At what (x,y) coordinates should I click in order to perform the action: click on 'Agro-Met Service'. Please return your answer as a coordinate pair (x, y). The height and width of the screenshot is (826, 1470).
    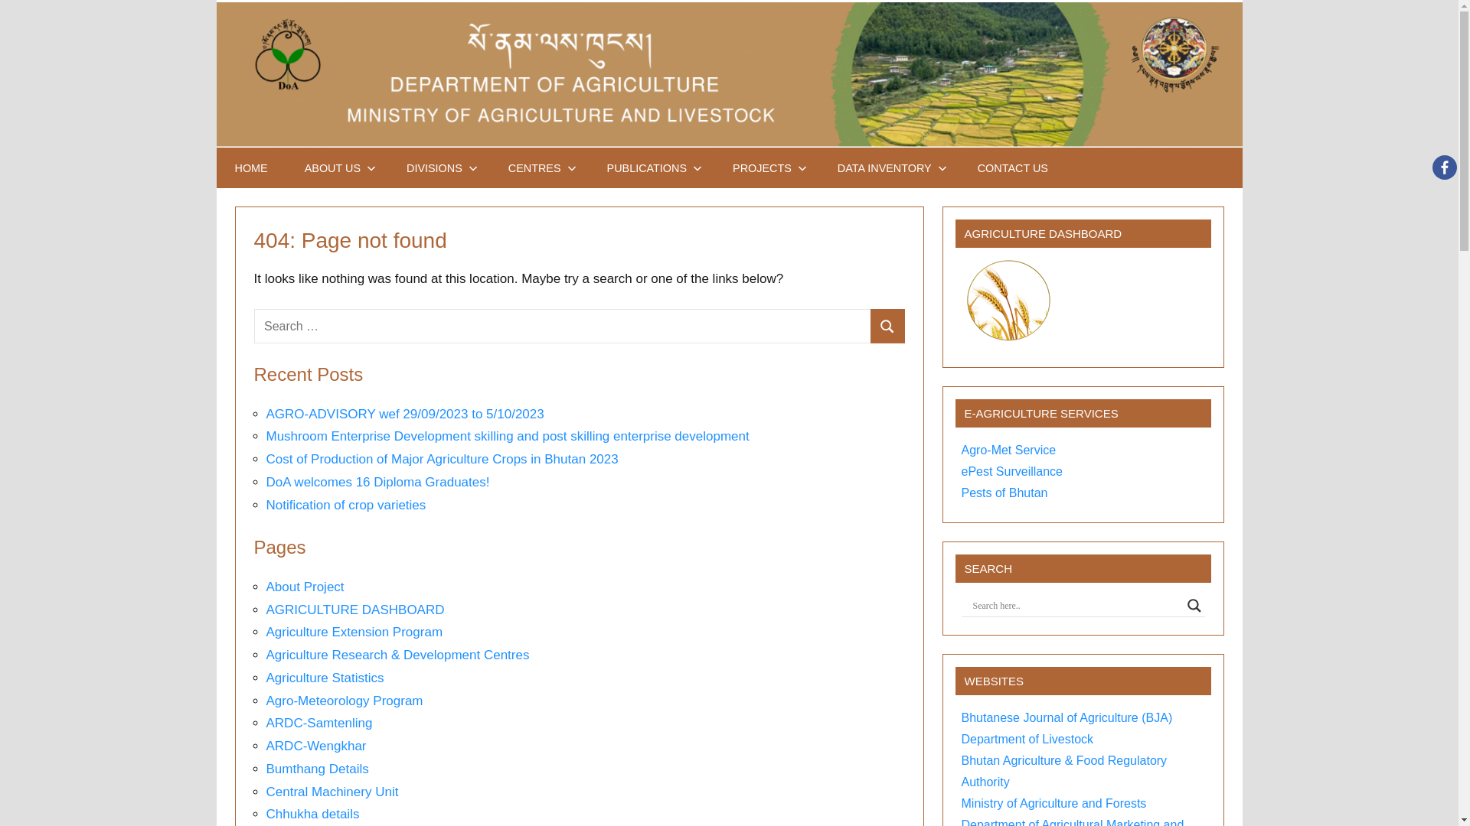
    Looking at the image, I should click on (1009, 449).